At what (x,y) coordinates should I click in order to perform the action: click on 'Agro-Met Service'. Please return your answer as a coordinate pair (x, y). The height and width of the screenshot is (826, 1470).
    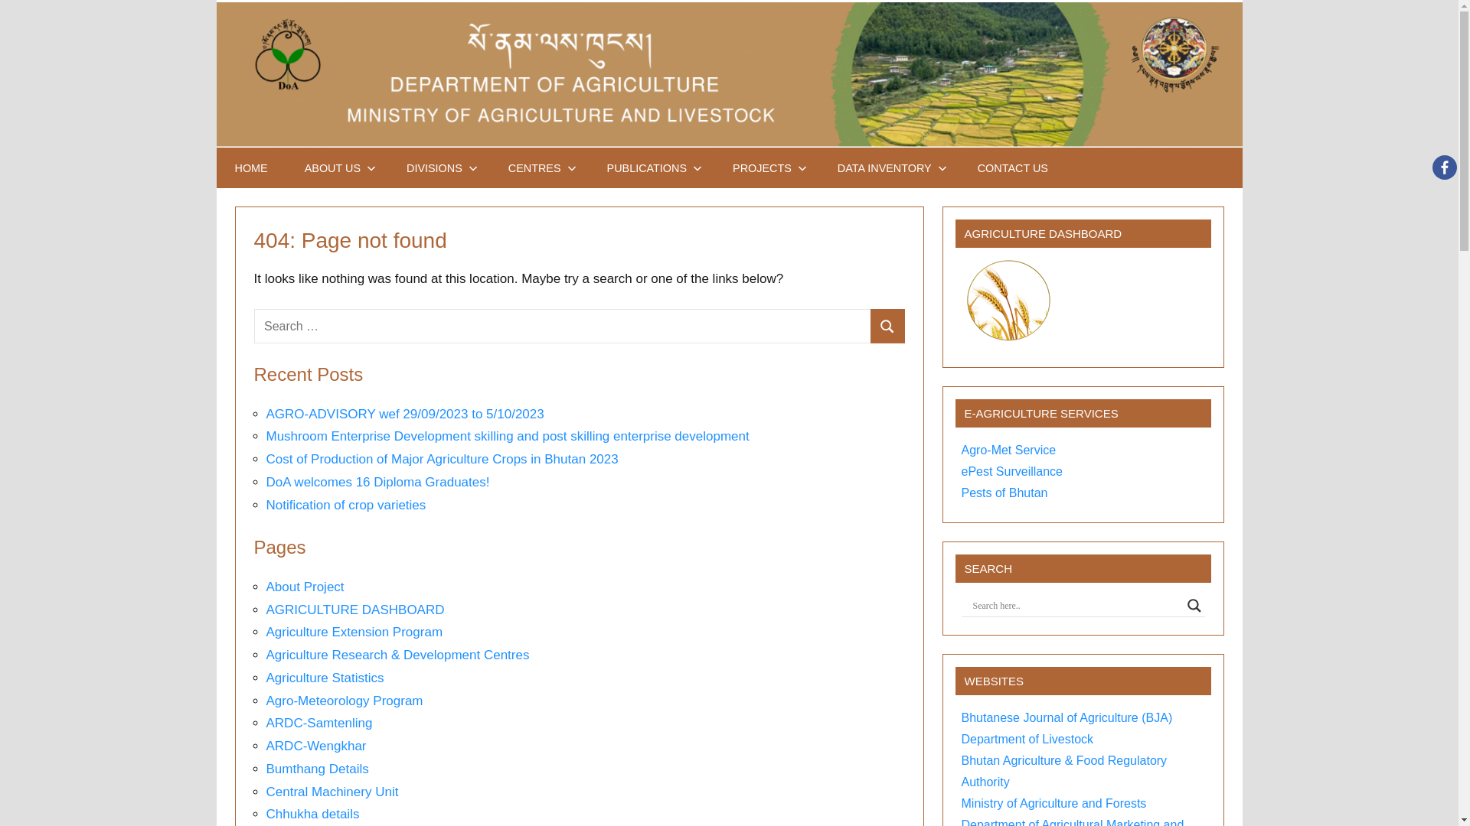
    Looking at the image, I should click on (1009, 449).